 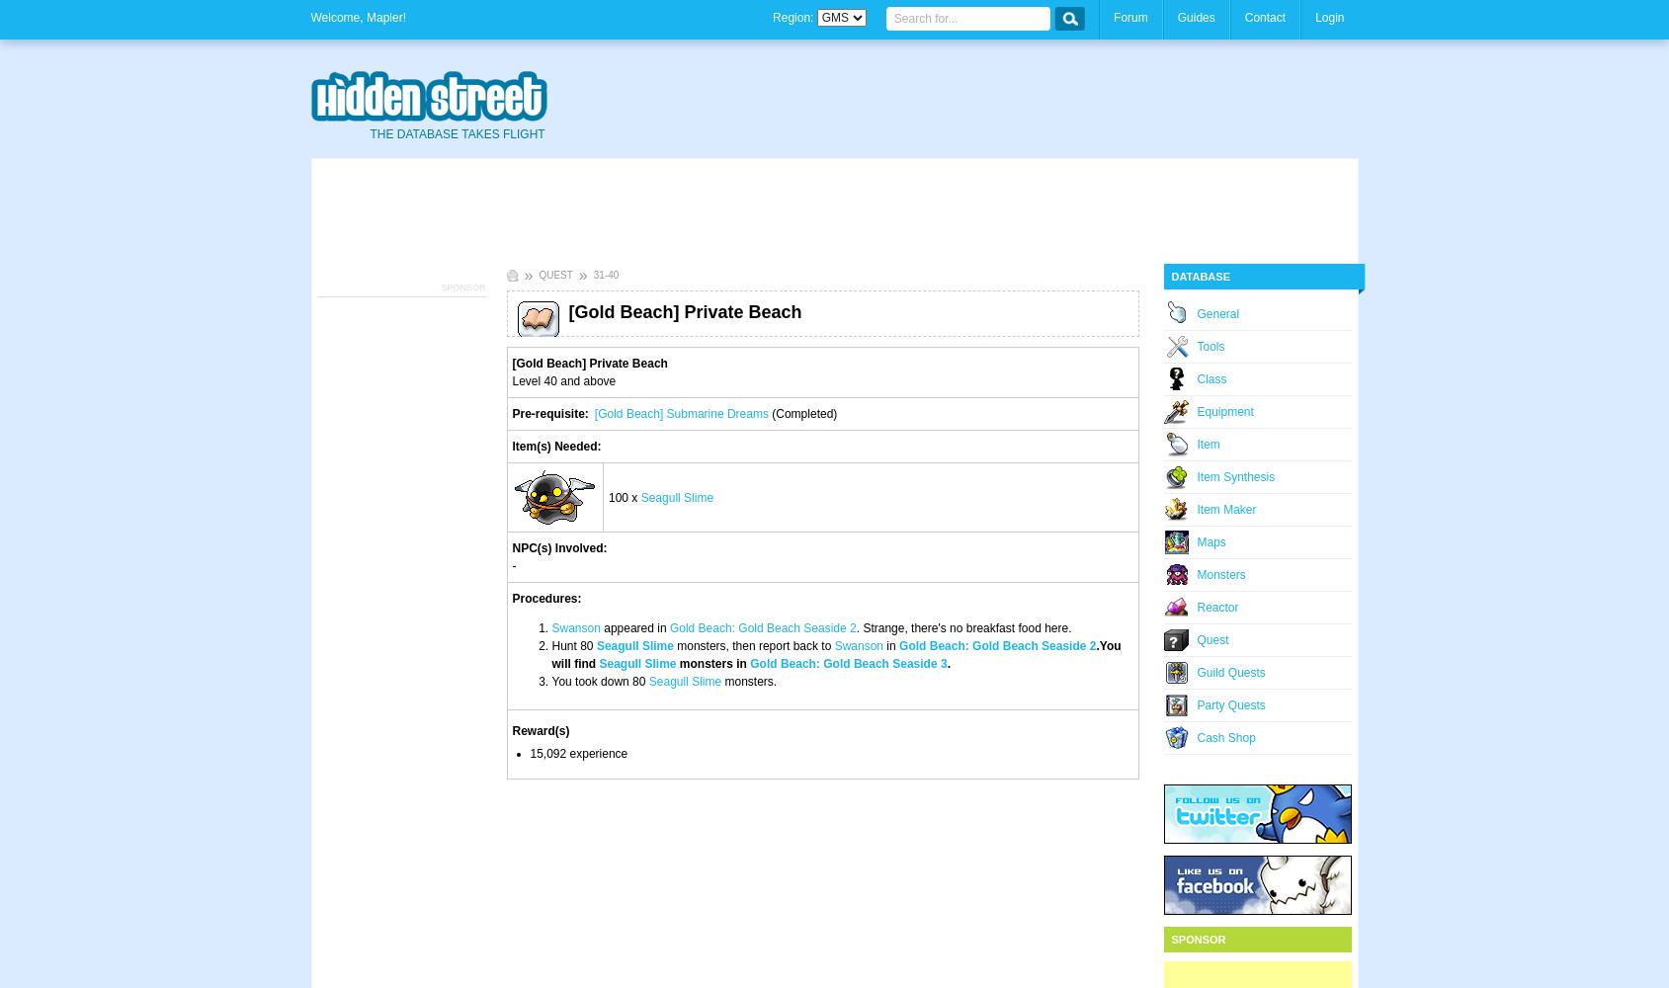 What do you see at coordinates (1235, 476) in the screenshot?
I see `'Item Synthesis'` at bounding box center [1235, 476].